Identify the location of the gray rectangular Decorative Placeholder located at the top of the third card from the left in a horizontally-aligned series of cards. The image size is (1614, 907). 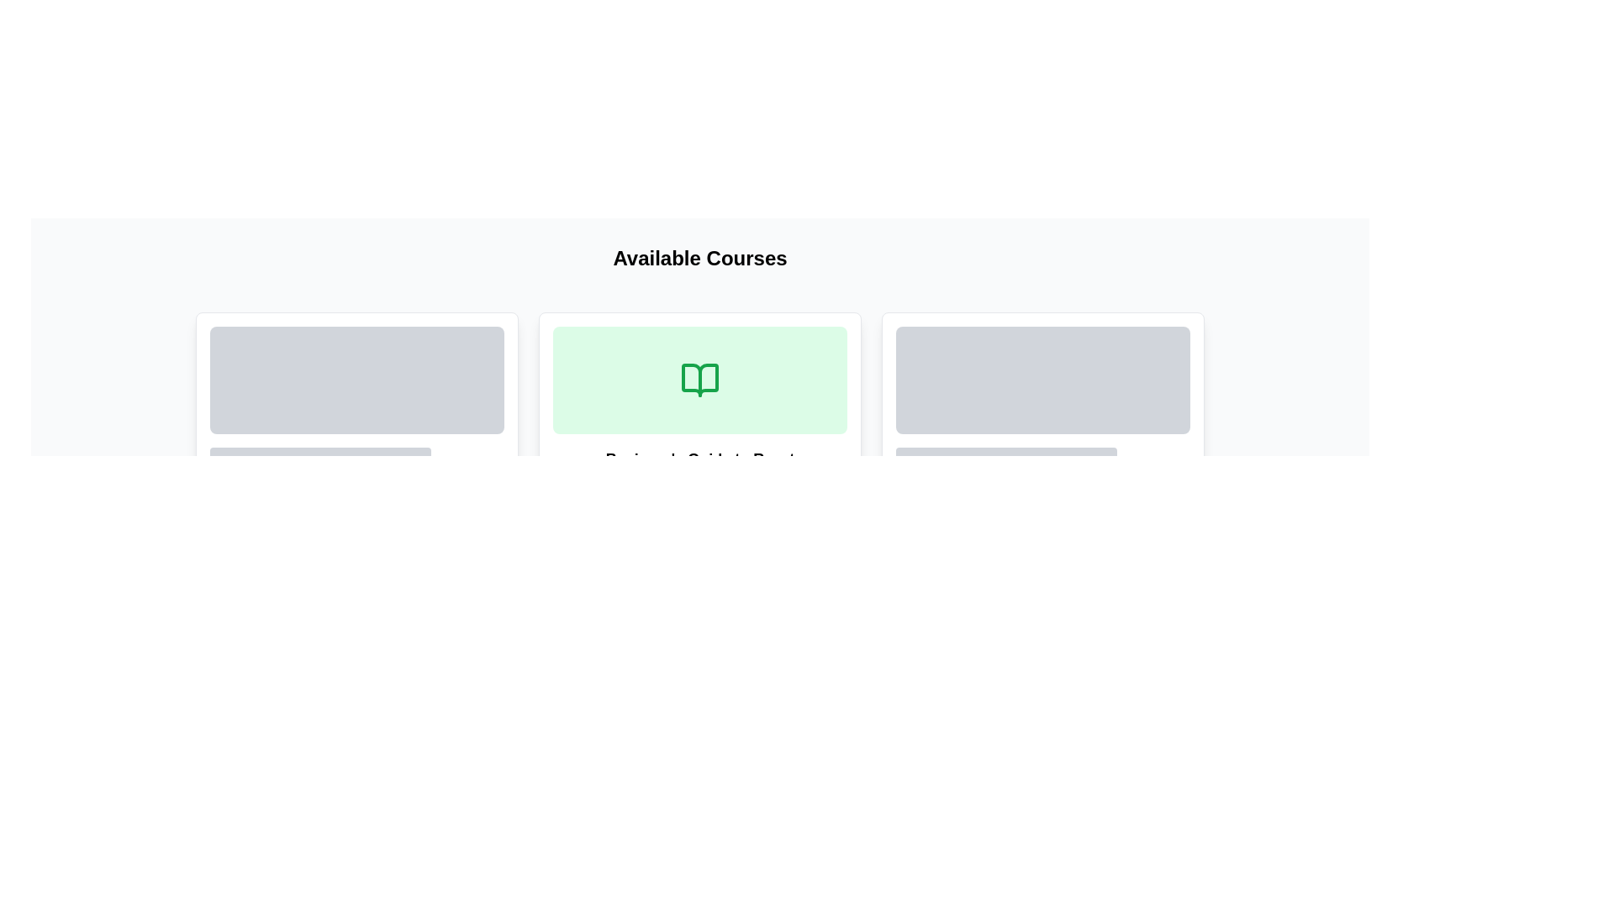
(1042, 405).